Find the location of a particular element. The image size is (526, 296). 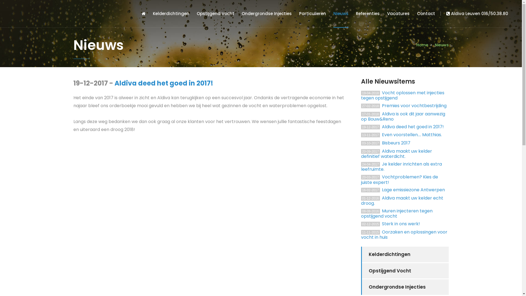

'Lage emissiezone Antwerpen' is located at coordinates (413, 189).